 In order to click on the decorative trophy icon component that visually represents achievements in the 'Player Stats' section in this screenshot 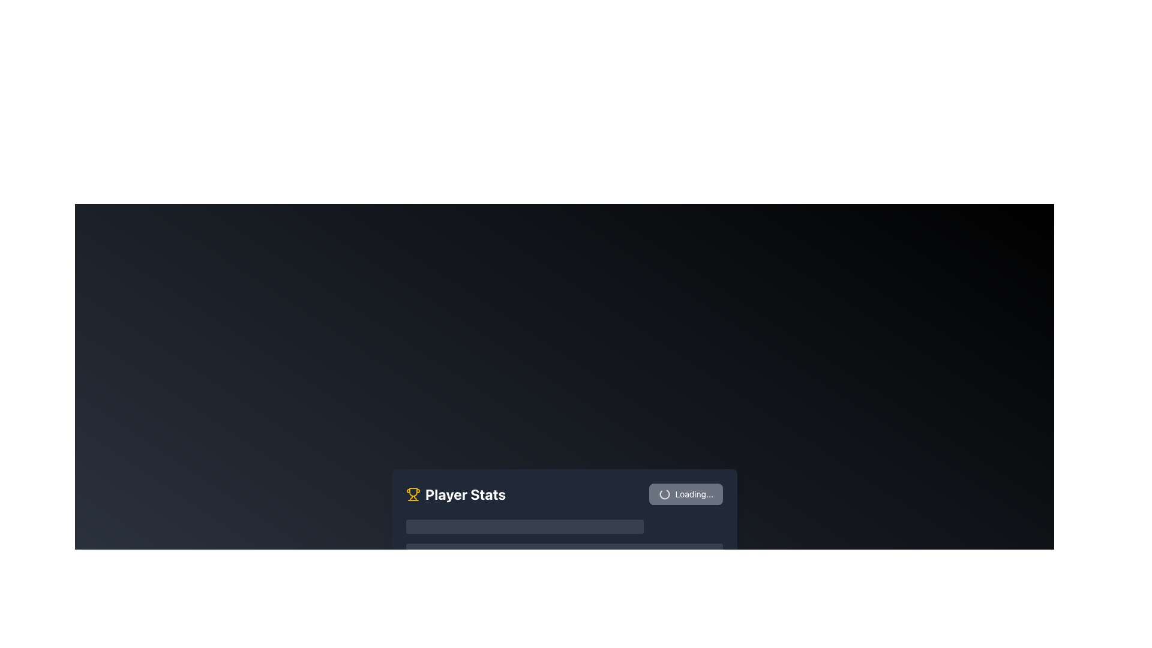, I will do `click(413, 492)`.